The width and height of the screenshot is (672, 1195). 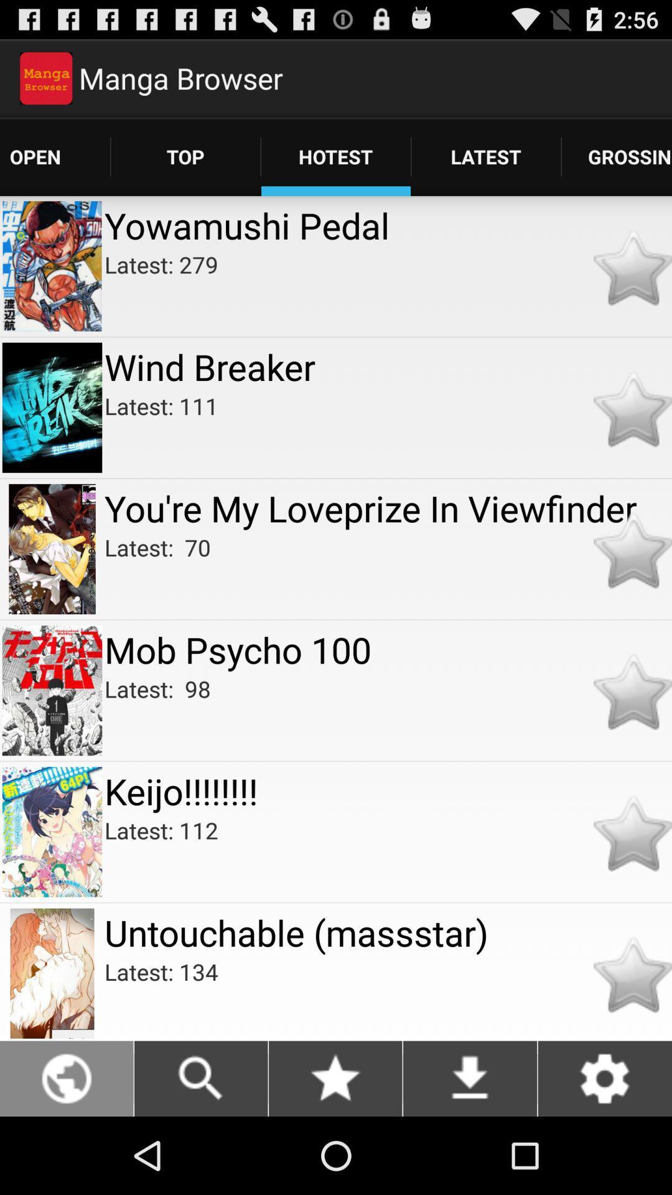 What do you see at coordinates (388, 649) in the screenshot?
I see `mob psycho 100 app` at bounding box center [388, 649].